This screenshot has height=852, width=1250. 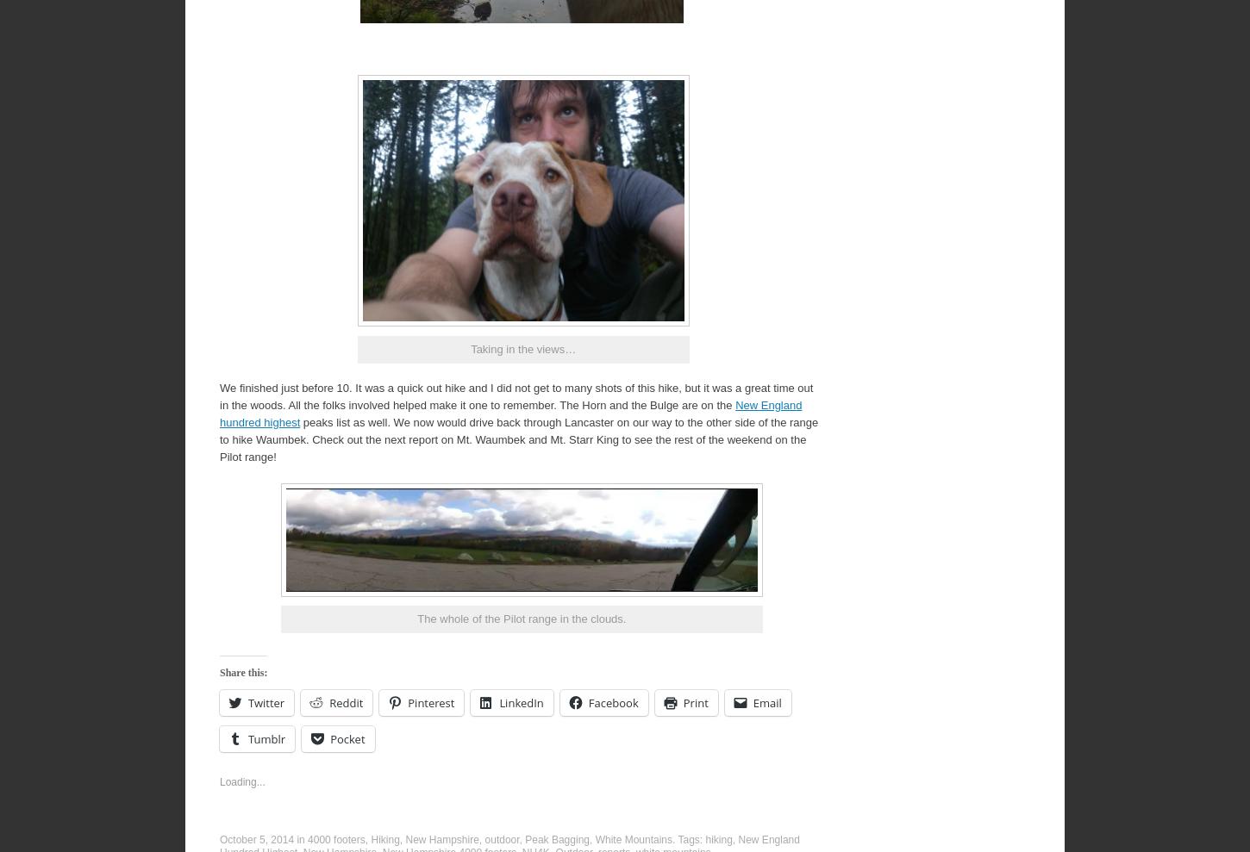 I want to click on 'Tumblr', so click(x=247, y=737).